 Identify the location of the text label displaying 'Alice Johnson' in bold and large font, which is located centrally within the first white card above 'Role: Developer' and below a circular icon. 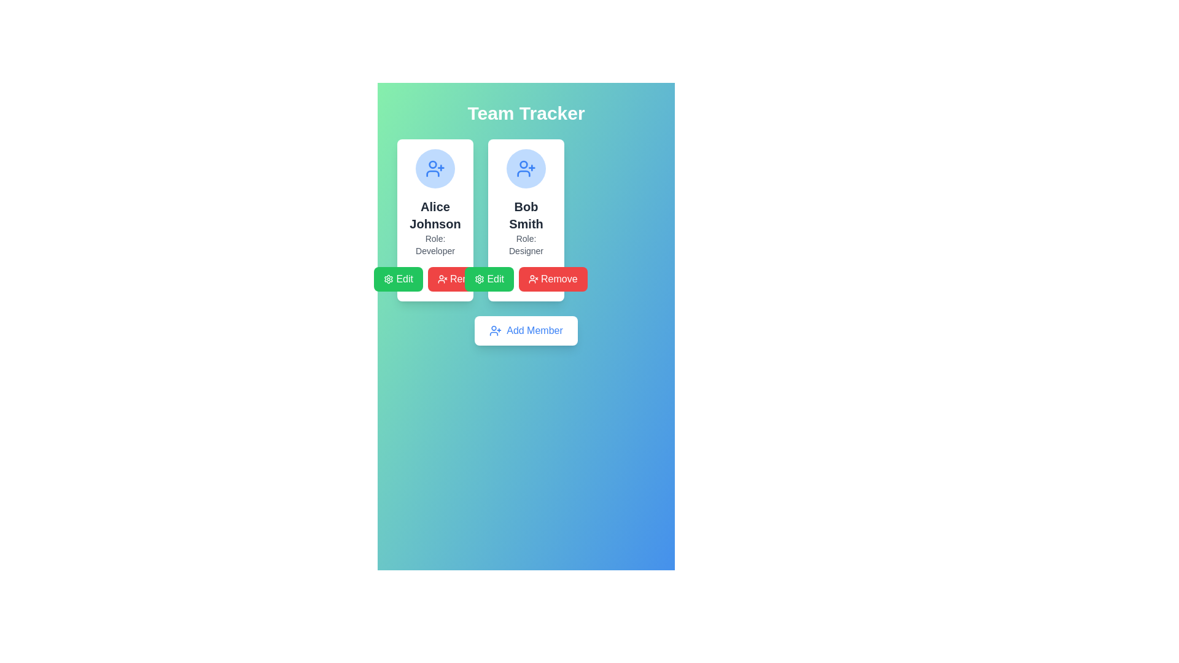
(435, 215).